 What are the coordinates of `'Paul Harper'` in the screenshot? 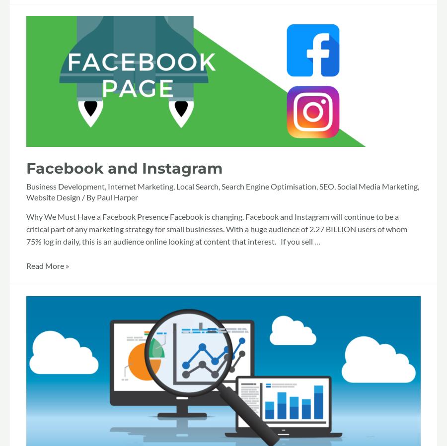 It's located at (117, 196).